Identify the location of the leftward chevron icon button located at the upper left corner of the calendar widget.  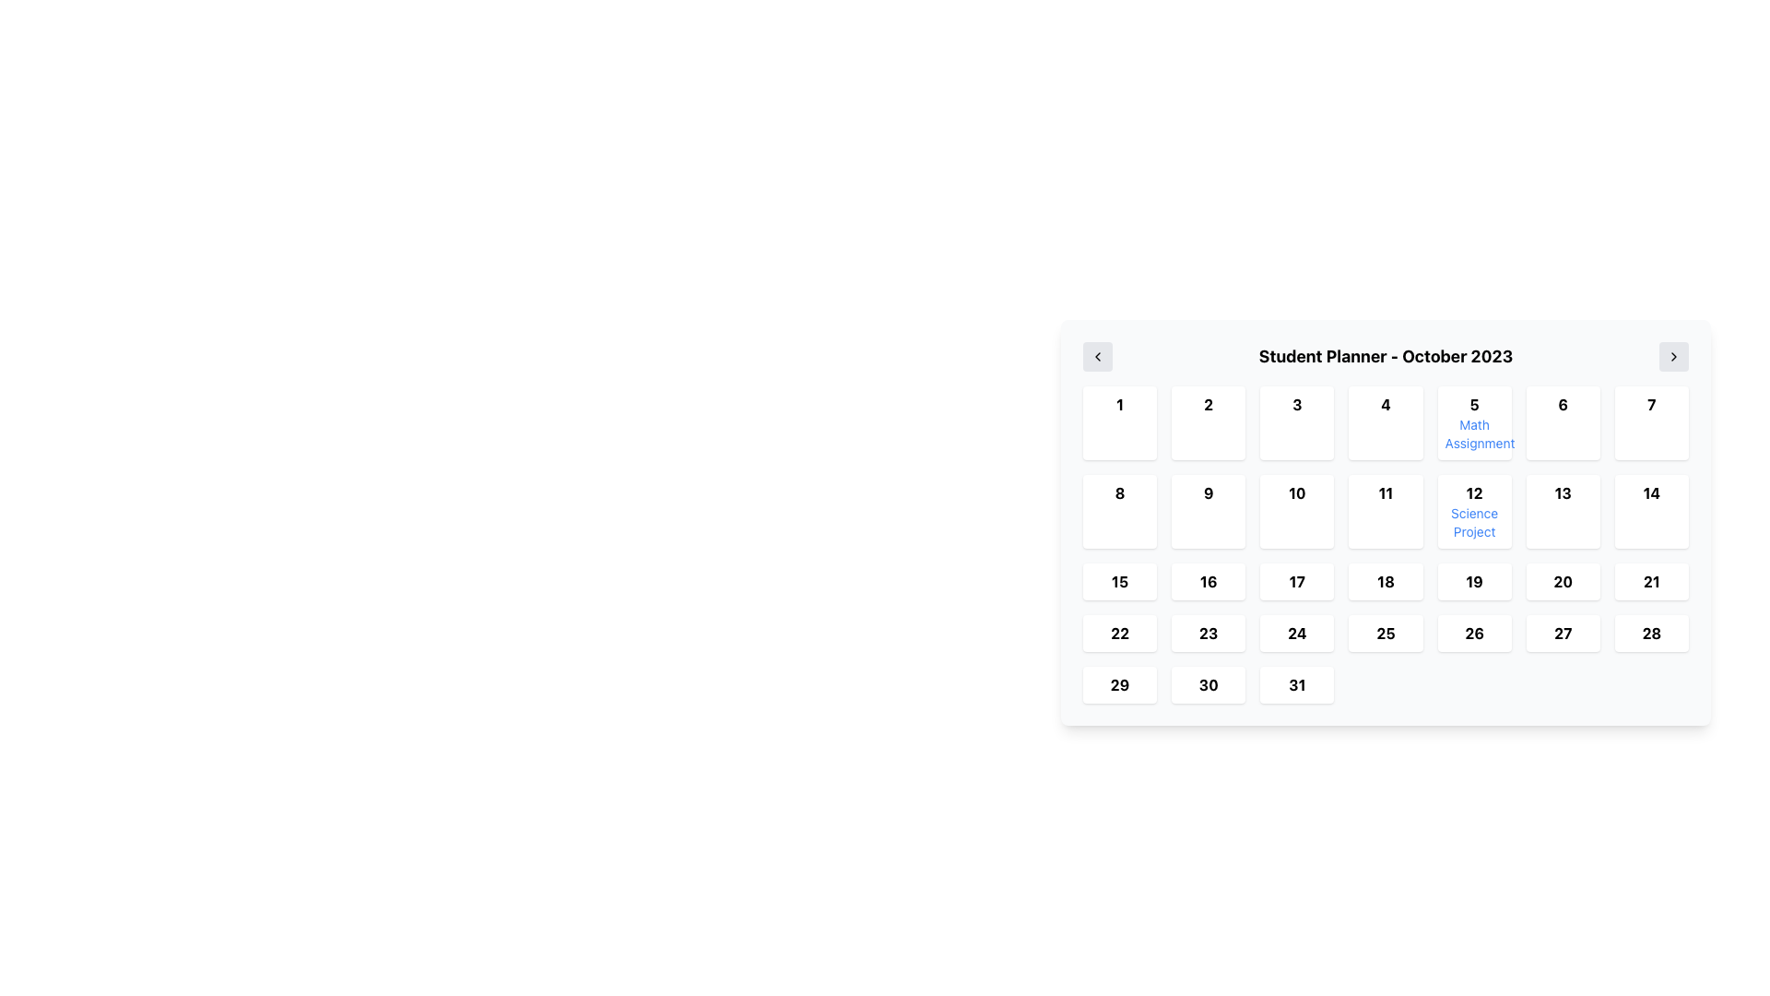
(1097, 356).